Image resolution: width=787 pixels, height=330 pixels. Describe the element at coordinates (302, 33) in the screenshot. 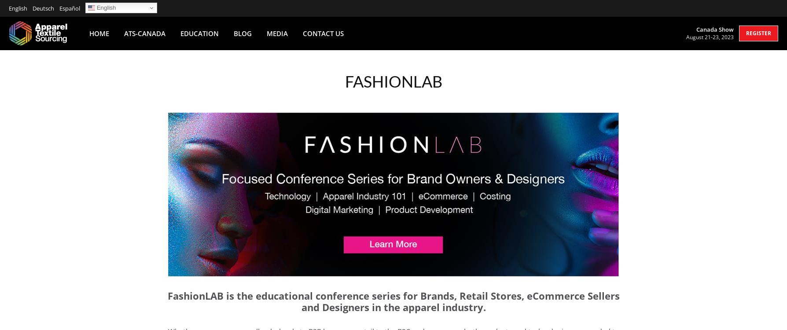

I see `'Contact Us'` at that location.